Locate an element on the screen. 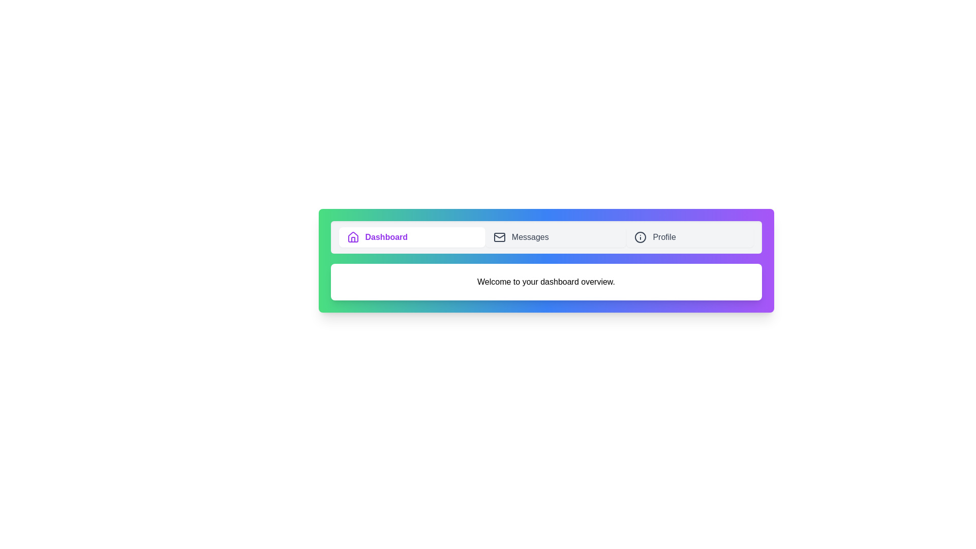  the tab labeled Messages to observe the visual changes is located at coordinates (556, 237).